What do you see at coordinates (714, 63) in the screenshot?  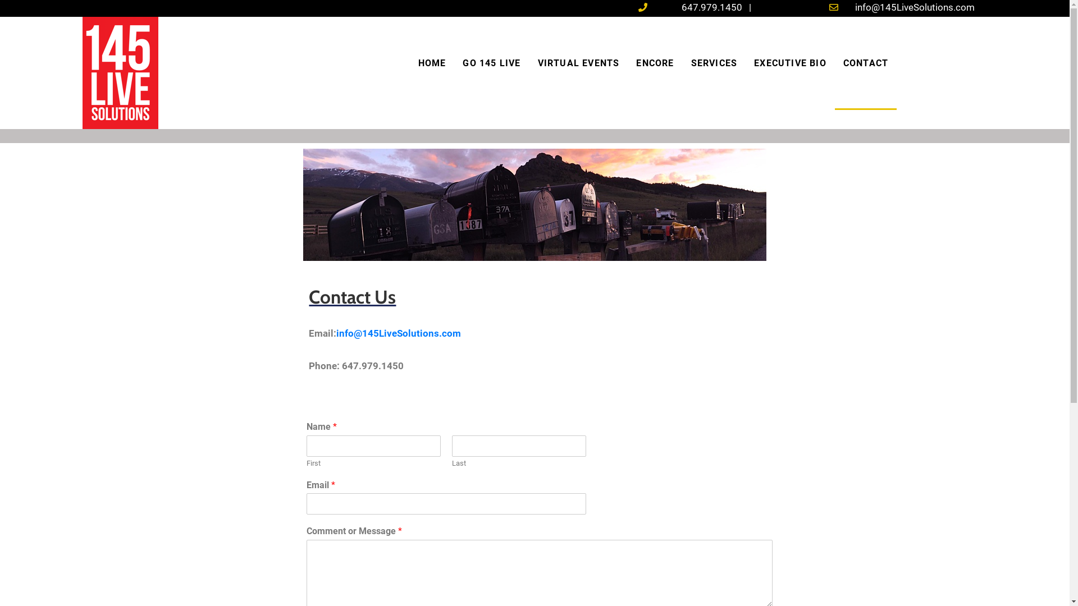 I see `'SERVICES'` at bounding box center [714, 63].